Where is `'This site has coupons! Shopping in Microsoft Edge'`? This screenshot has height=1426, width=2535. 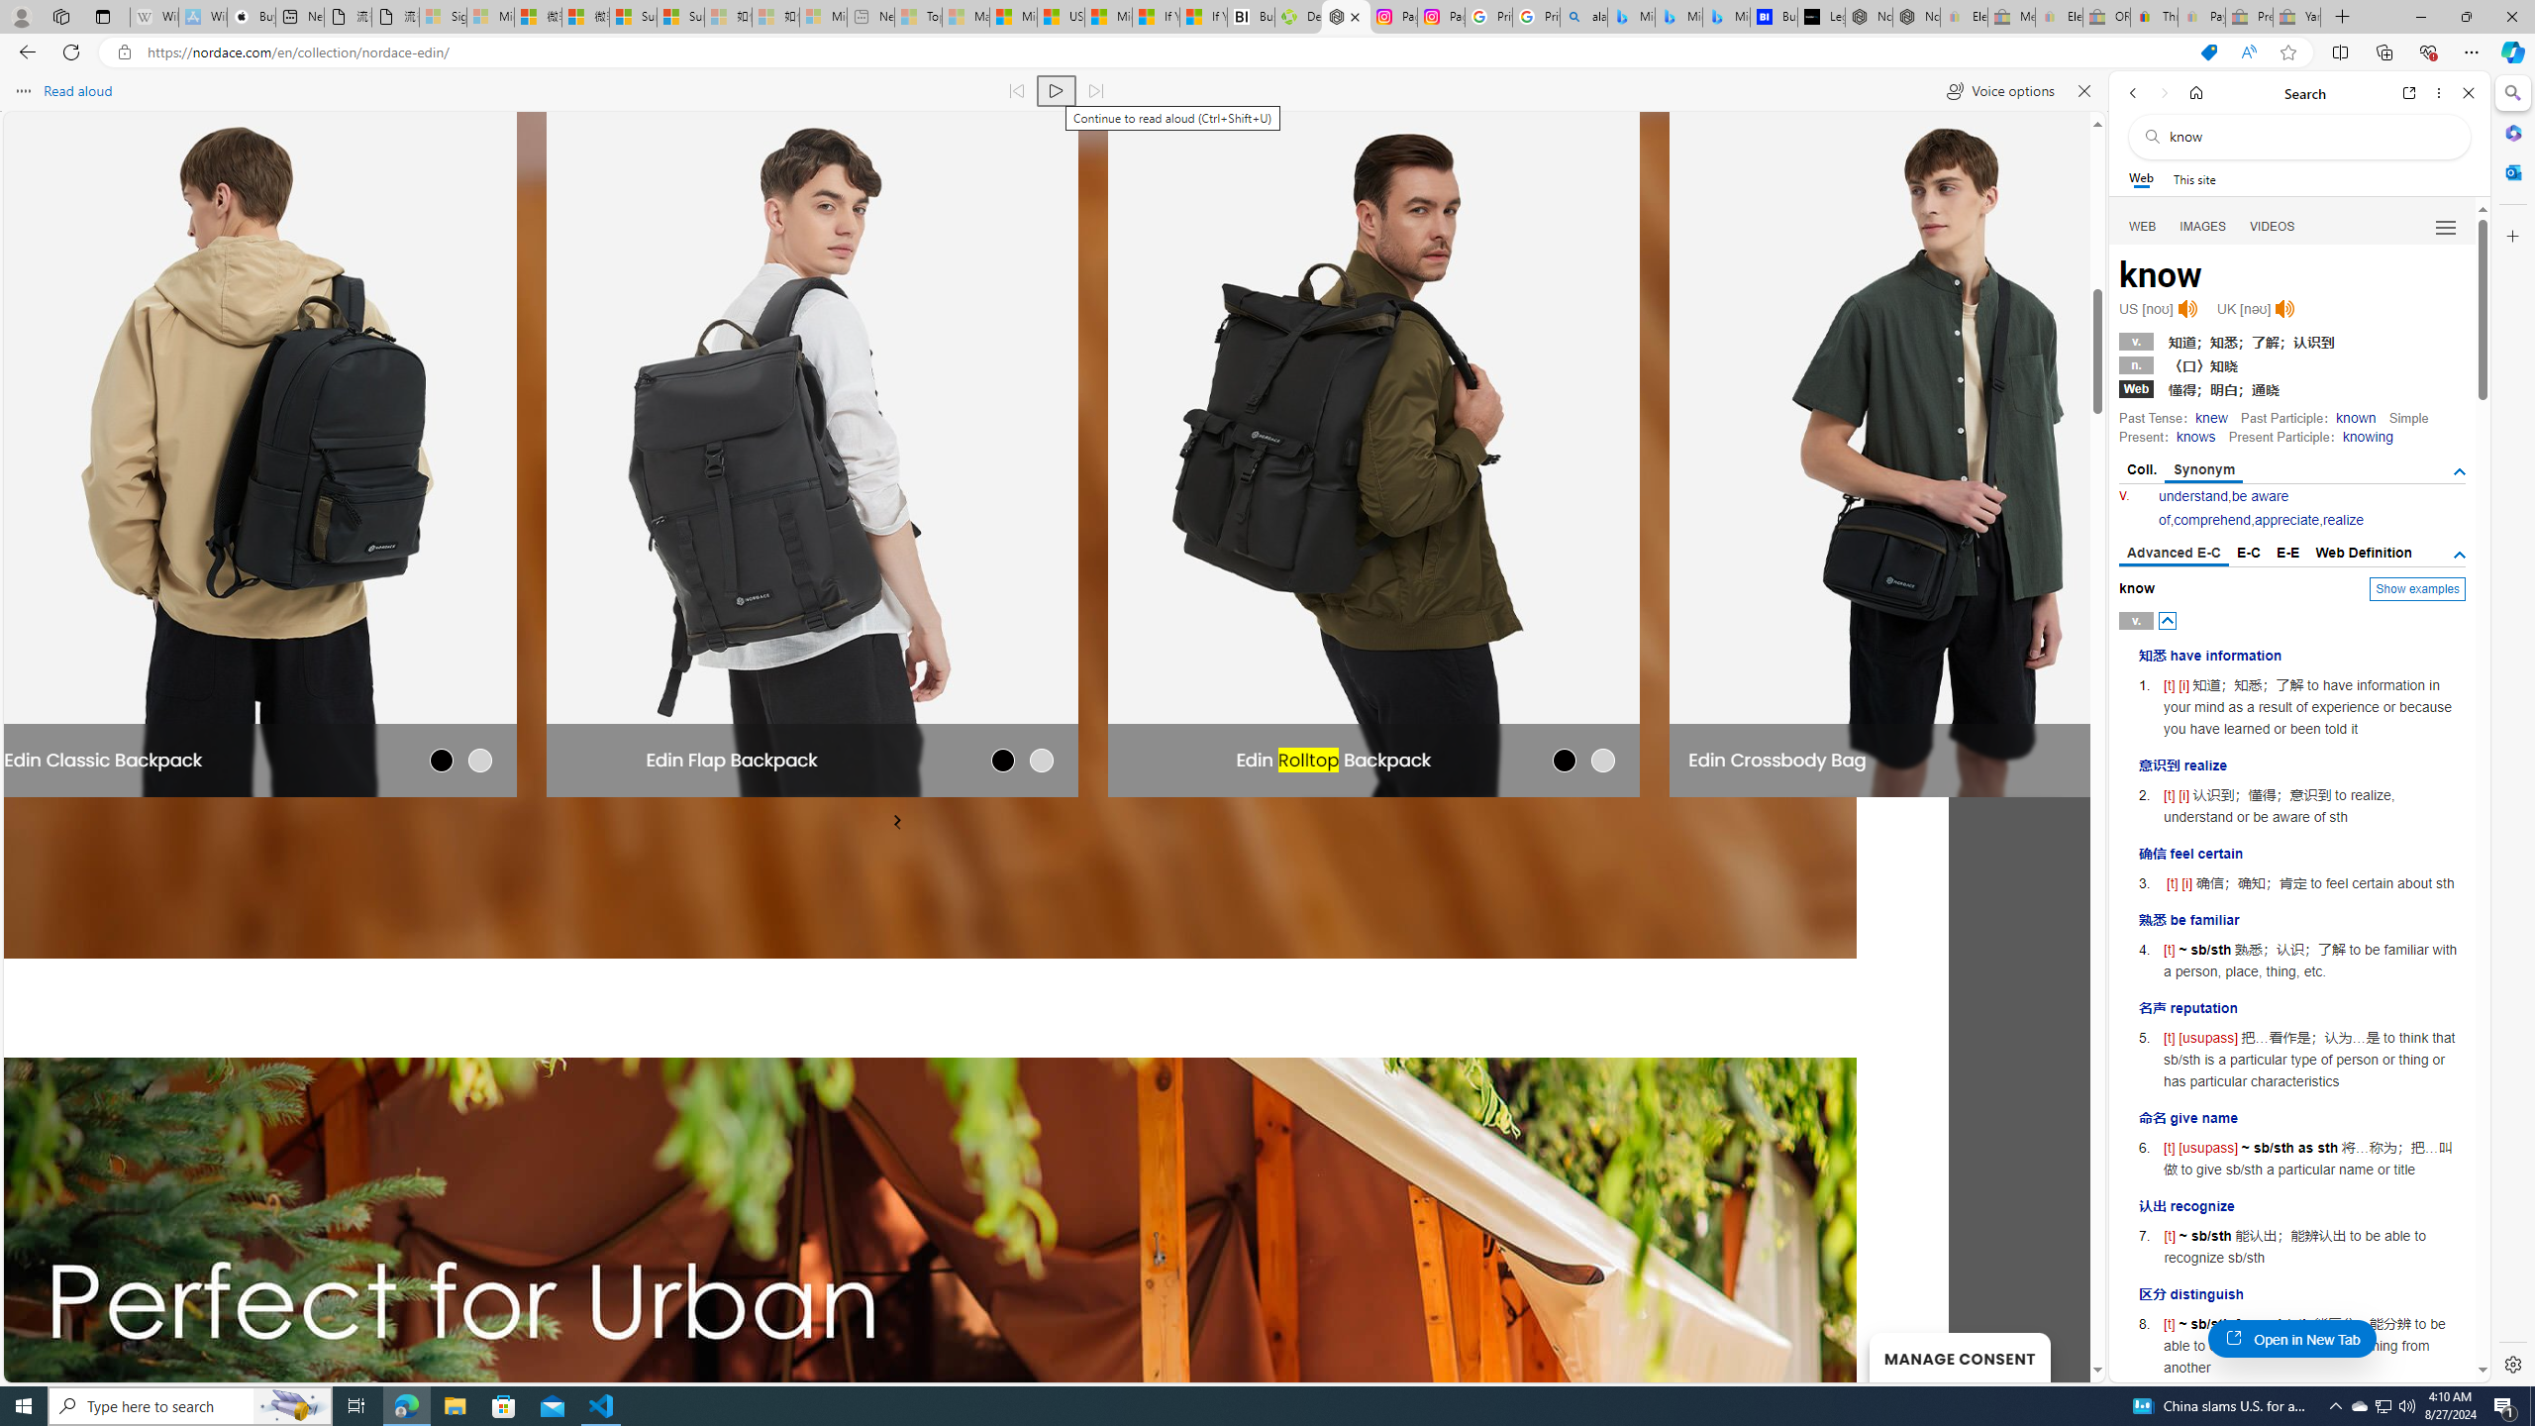 'This site has coupons! Shopping in Microsoft Edge' is located at coordinates (2208, 52).